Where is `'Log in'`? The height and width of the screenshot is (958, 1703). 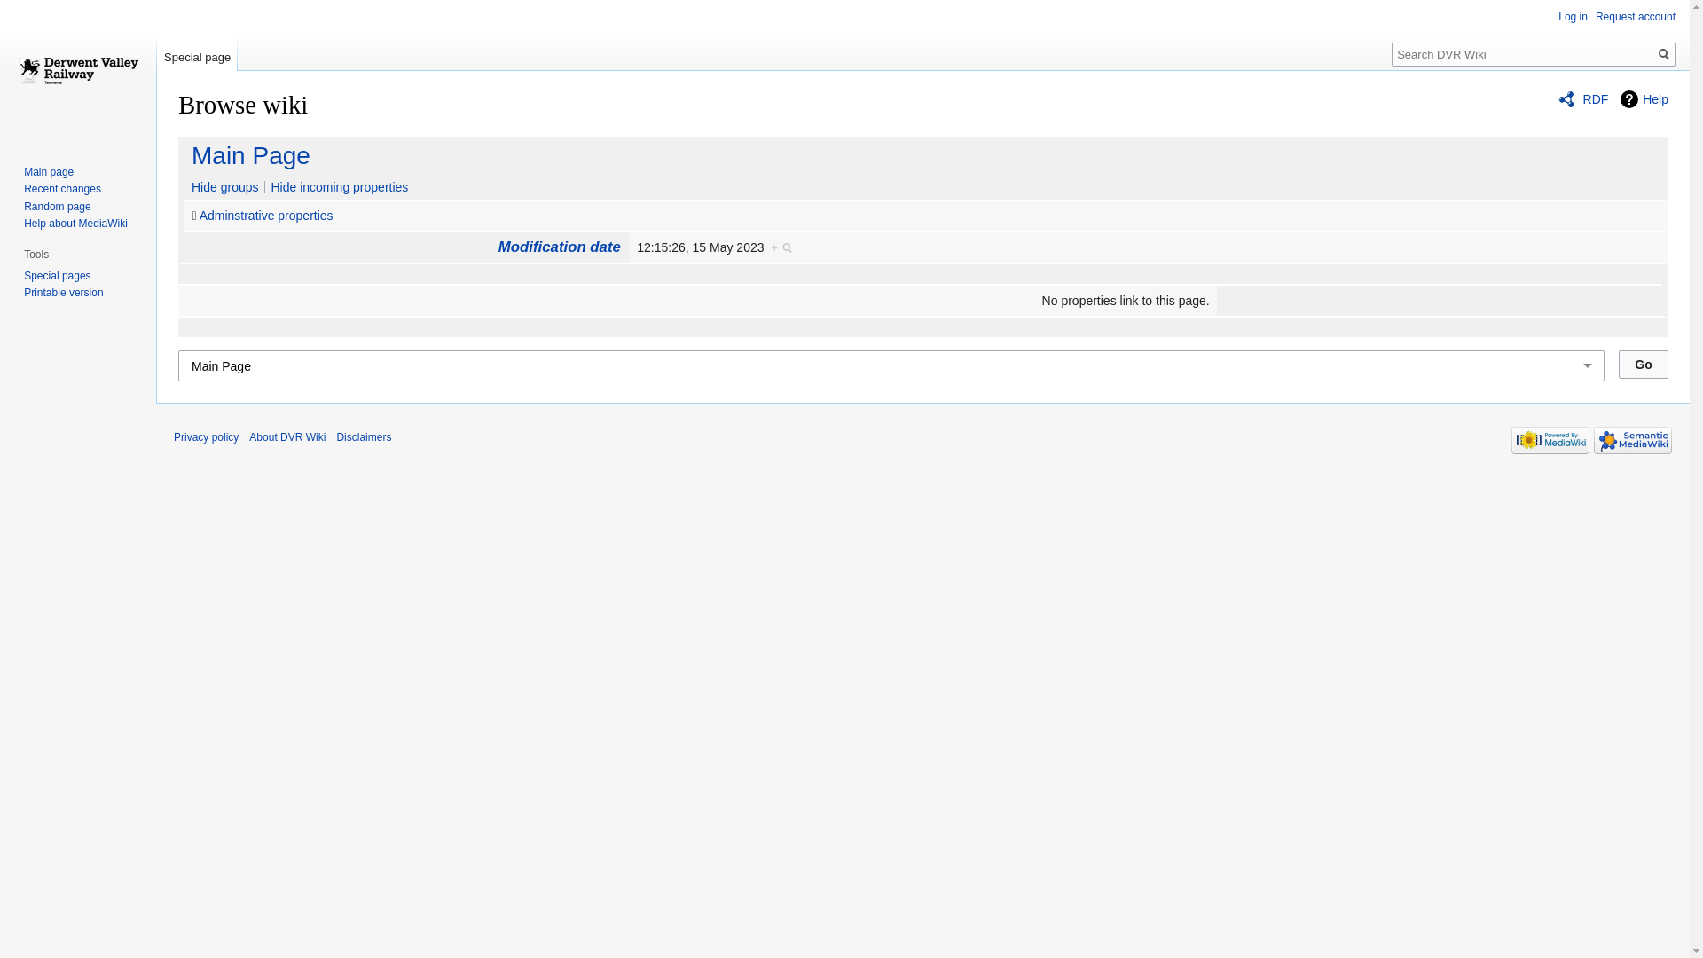 'Log in' is located at coordinates (1573, 17).